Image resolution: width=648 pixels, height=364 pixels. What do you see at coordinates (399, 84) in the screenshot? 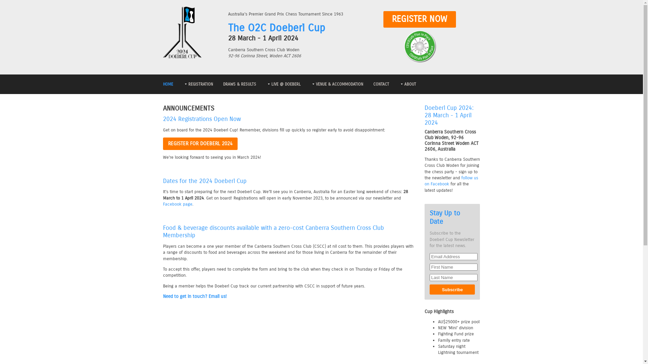
I see `'ABOUT'` at bounding box center [399, 84].